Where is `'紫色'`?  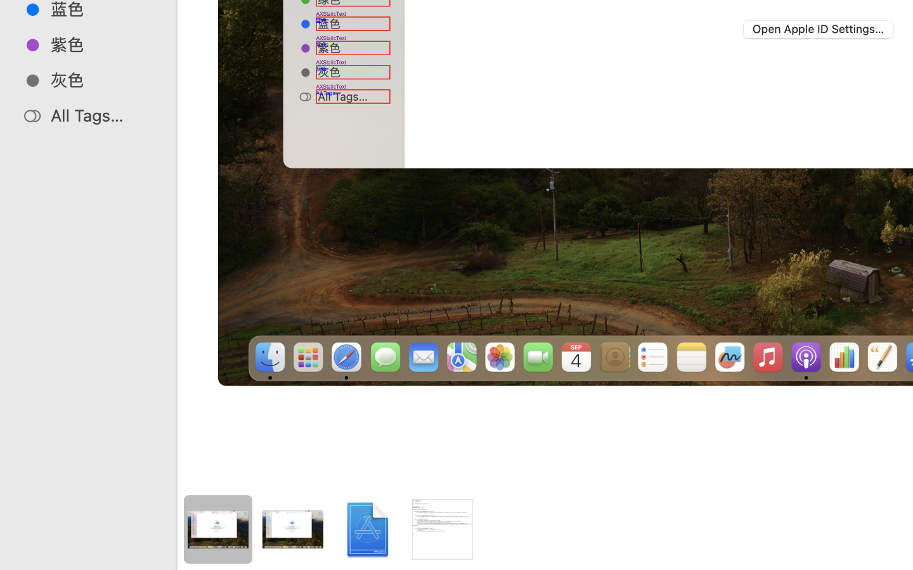 '紫色' is located at coordinates (101, 44).